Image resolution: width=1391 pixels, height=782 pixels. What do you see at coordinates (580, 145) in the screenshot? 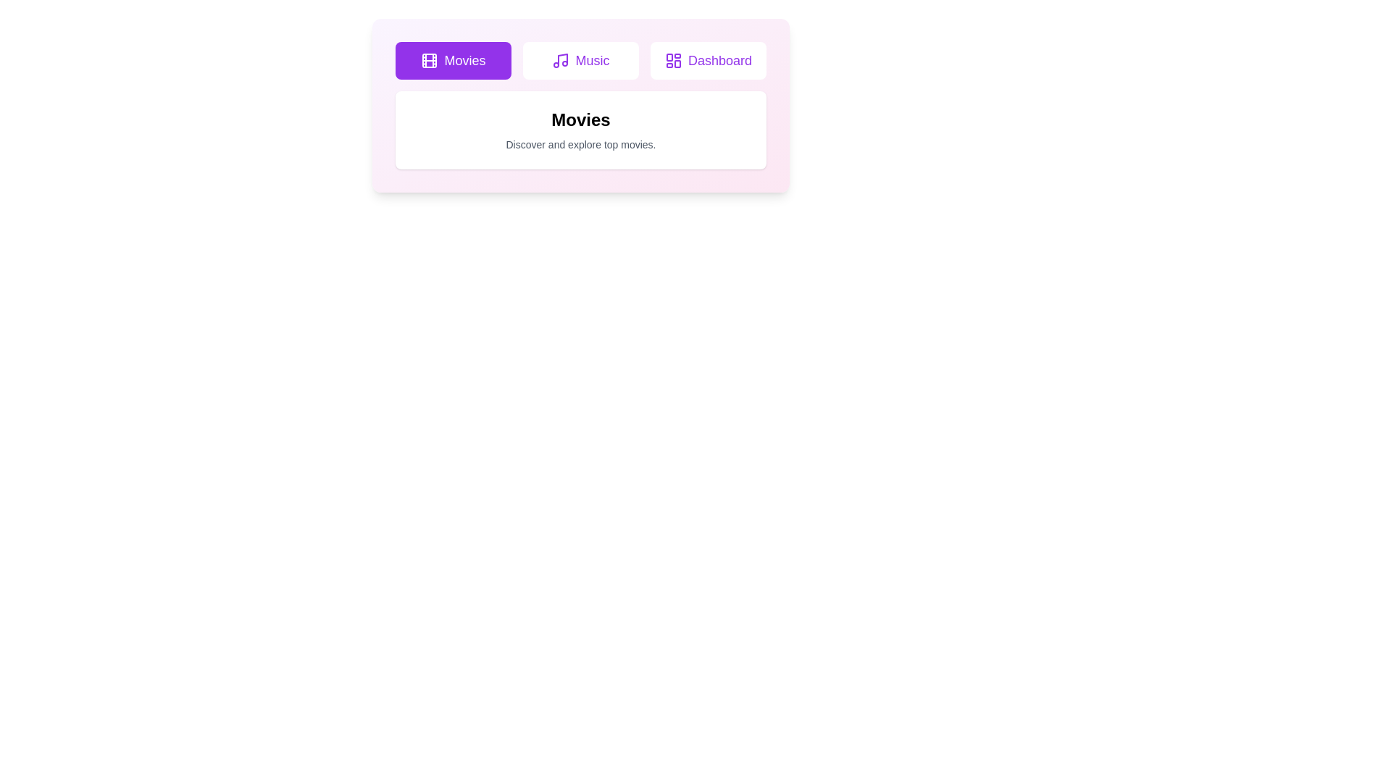
I see `the displayed text description for the active tab, which is 'Discover and explore top movies.'` at bounding box center [580, 145].